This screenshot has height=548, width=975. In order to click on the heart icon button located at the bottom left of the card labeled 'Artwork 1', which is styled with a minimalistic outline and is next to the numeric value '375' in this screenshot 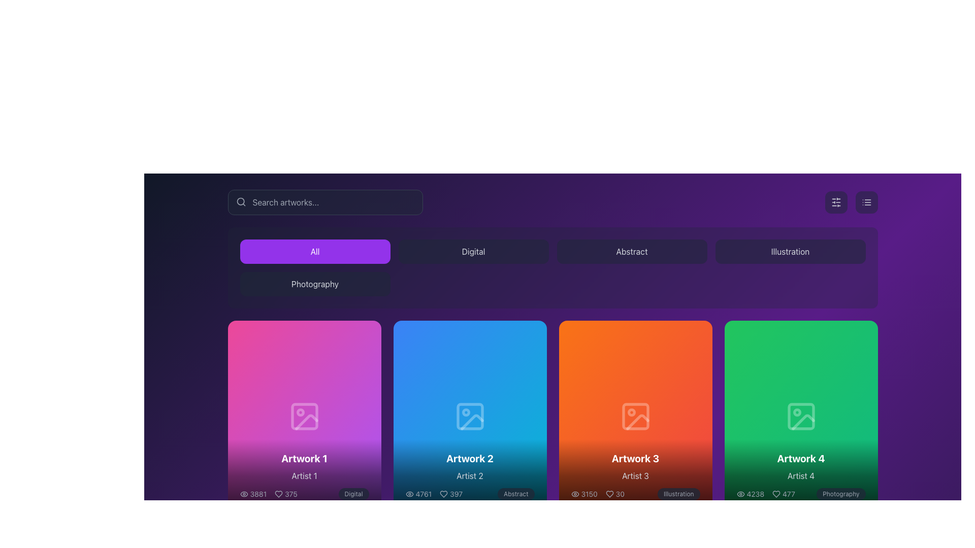, I will do `click(279, 493)`.